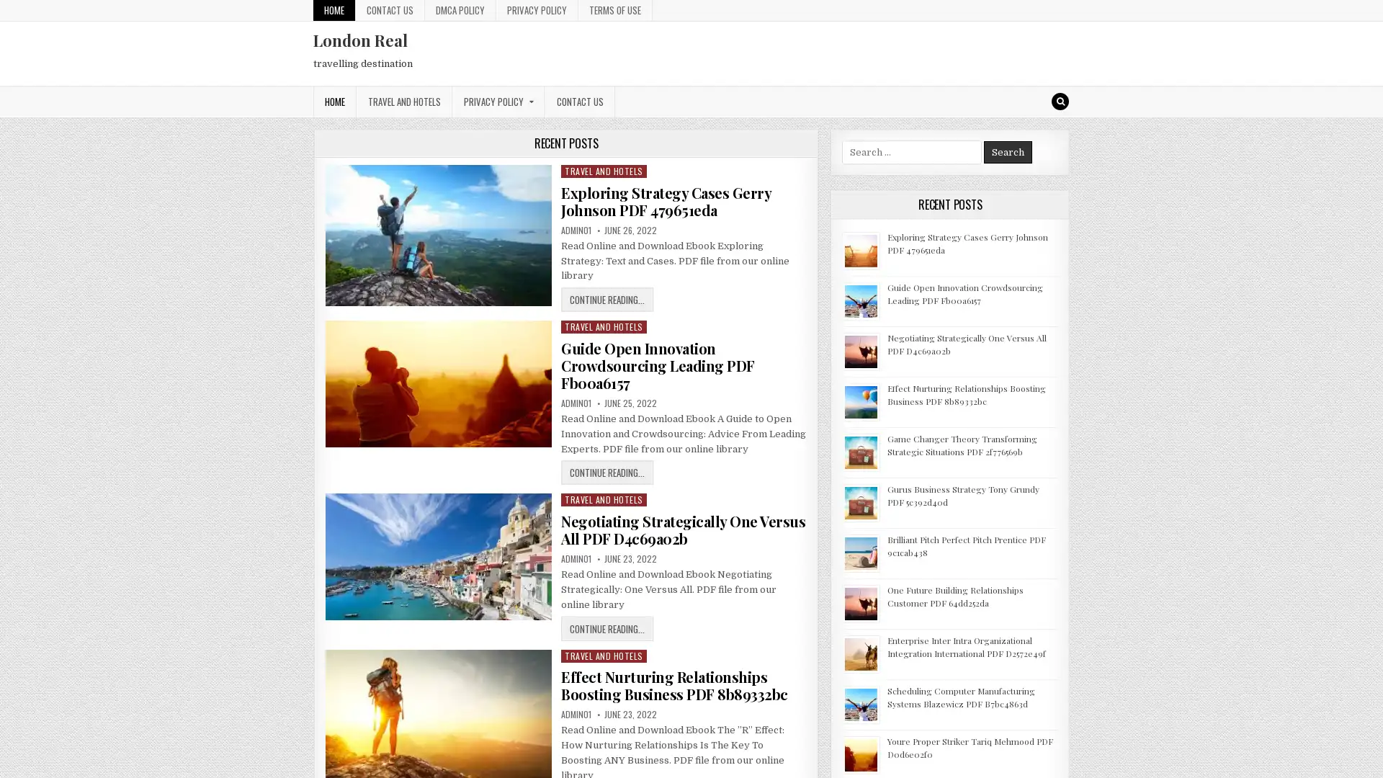 The image size is (1383, 778). Describe the element at coordinates (1007, 152) in the screenshot. I see `Search` at that location.